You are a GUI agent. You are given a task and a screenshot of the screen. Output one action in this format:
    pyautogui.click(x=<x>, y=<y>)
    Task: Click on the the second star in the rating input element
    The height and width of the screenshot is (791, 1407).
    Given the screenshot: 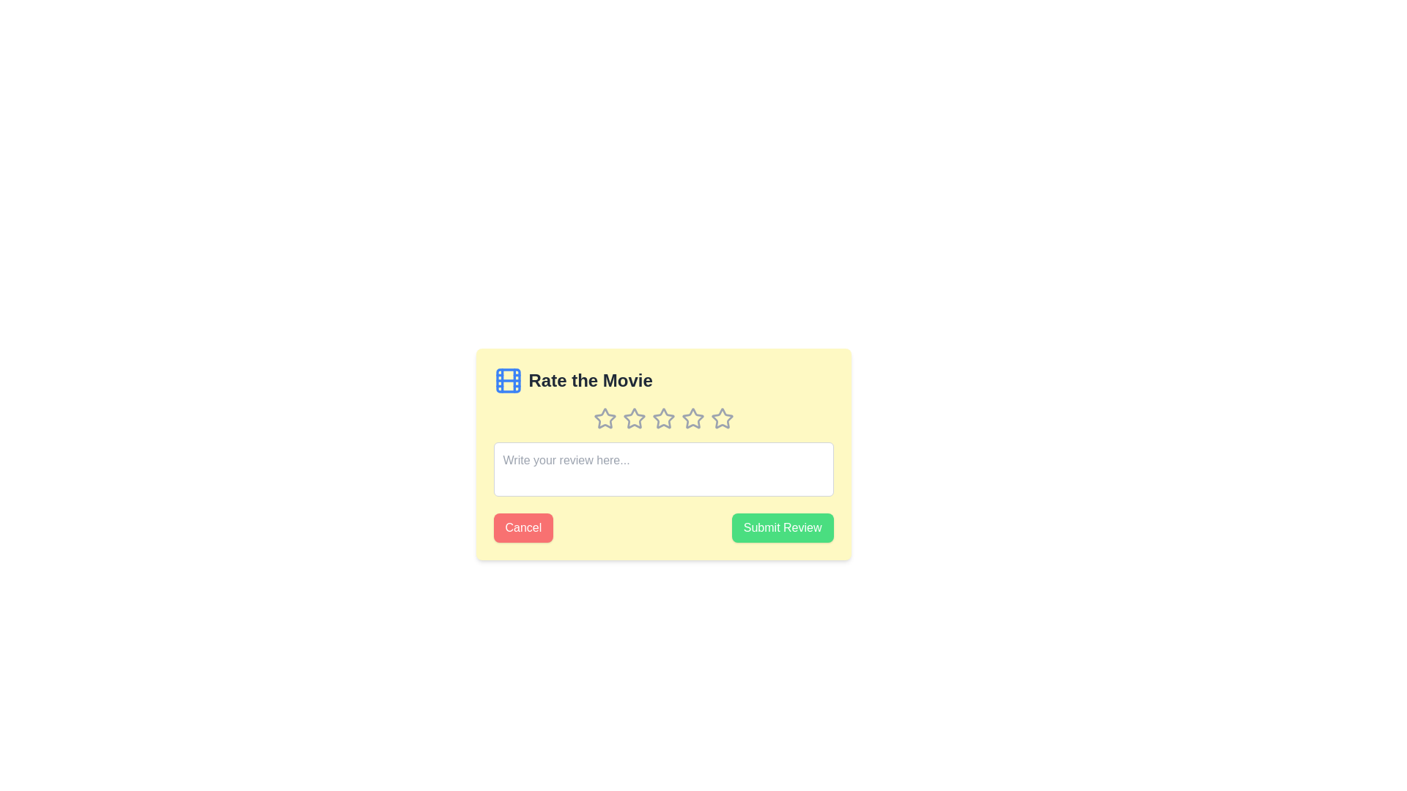 What is the action you would take?
    pyautogui.click(x=634, y=418)
    